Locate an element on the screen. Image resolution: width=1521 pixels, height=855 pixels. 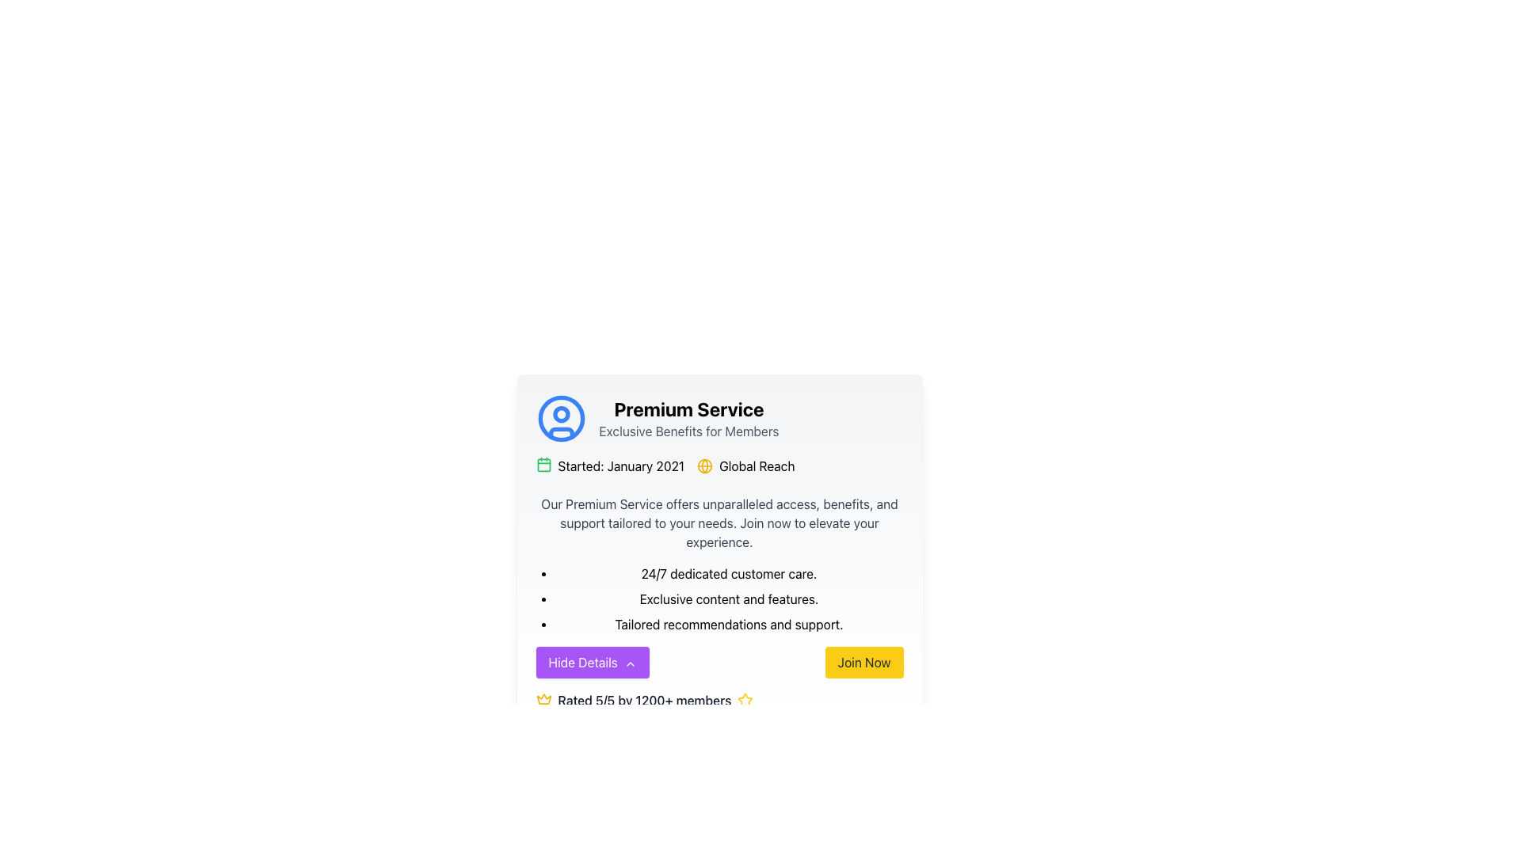
the textual metadata display containing 'Started: January 2021' and 'Global Reach', which includes a green calendar icon and a yellow globe icon is located at coordinates (719, 465).